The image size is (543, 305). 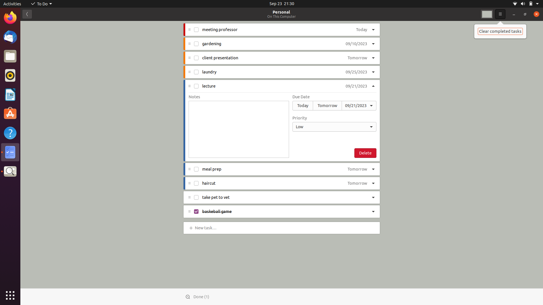 What do you see at coordinates (197, 71) in the screenshot?
I see `Check off the "laundry" task as done` at bounding box center [197, 71].